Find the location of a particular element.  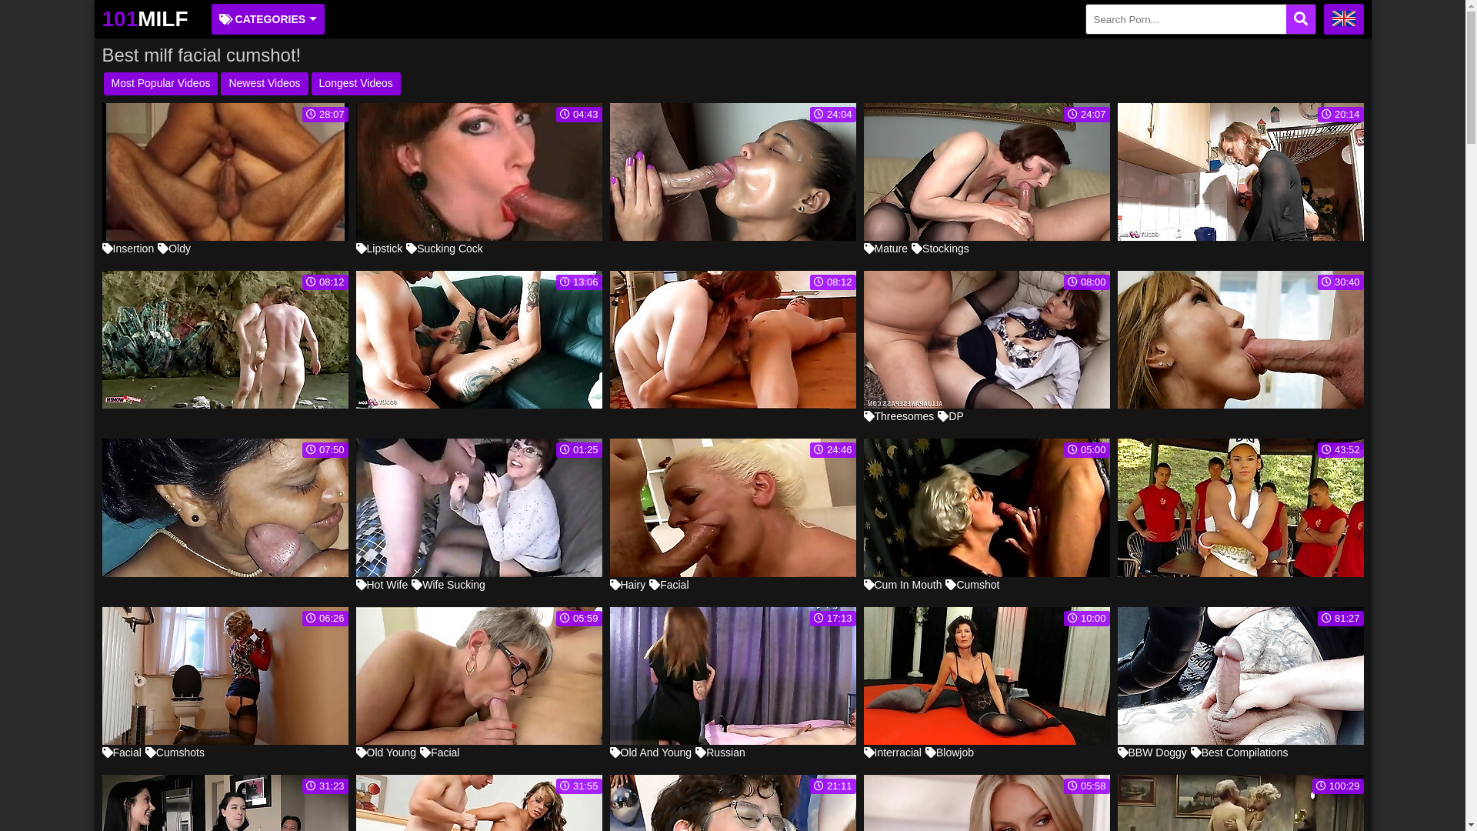

'Oldy' is located at coordinates (174, 248).